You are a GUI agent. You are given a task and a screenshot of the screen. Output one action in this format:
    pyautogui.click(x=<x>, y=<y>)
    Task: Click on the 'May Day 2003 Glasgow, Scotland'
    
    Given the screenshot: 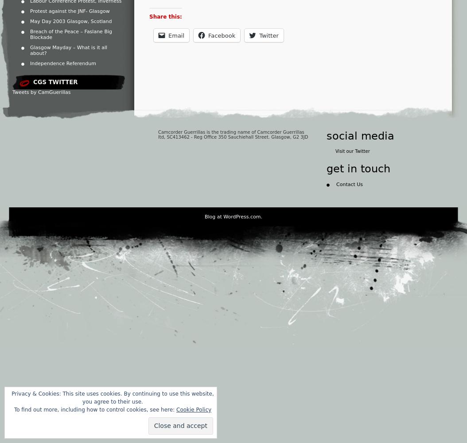 What is the action you would take?
    pyautogui.click(x=70, y=21)
    